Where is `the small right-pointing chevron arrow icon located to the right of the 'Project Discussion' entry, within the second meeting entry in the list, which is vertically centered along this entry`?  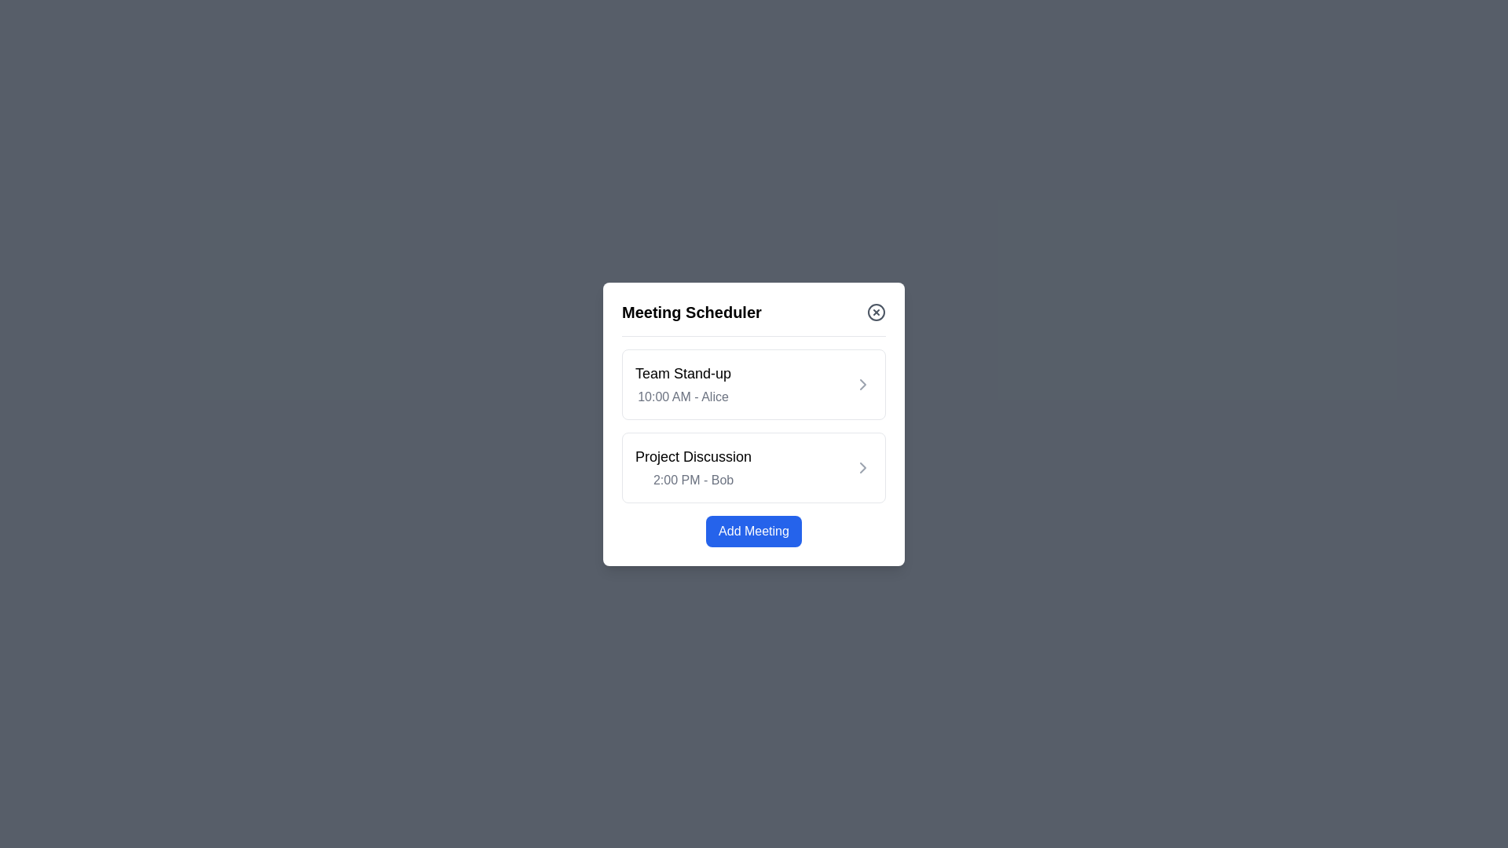 the small right-pointing chevron arrow icon located to the right of the 'Project Discussion' entry, within the second meeting entry in the list, which is vertically centered along this entry is located at coordinates (862, 466).